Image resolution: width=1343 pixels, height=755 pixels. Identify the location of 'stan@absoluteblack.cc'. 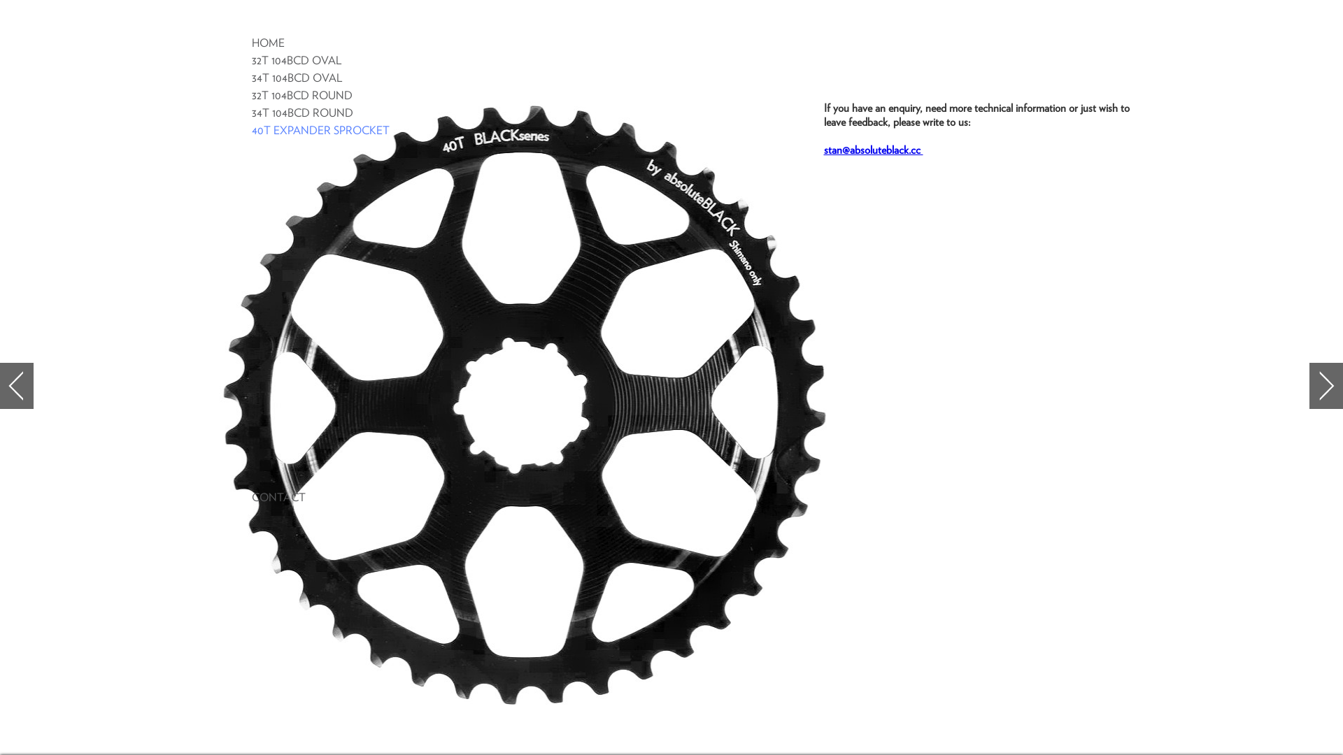
(823, 150).